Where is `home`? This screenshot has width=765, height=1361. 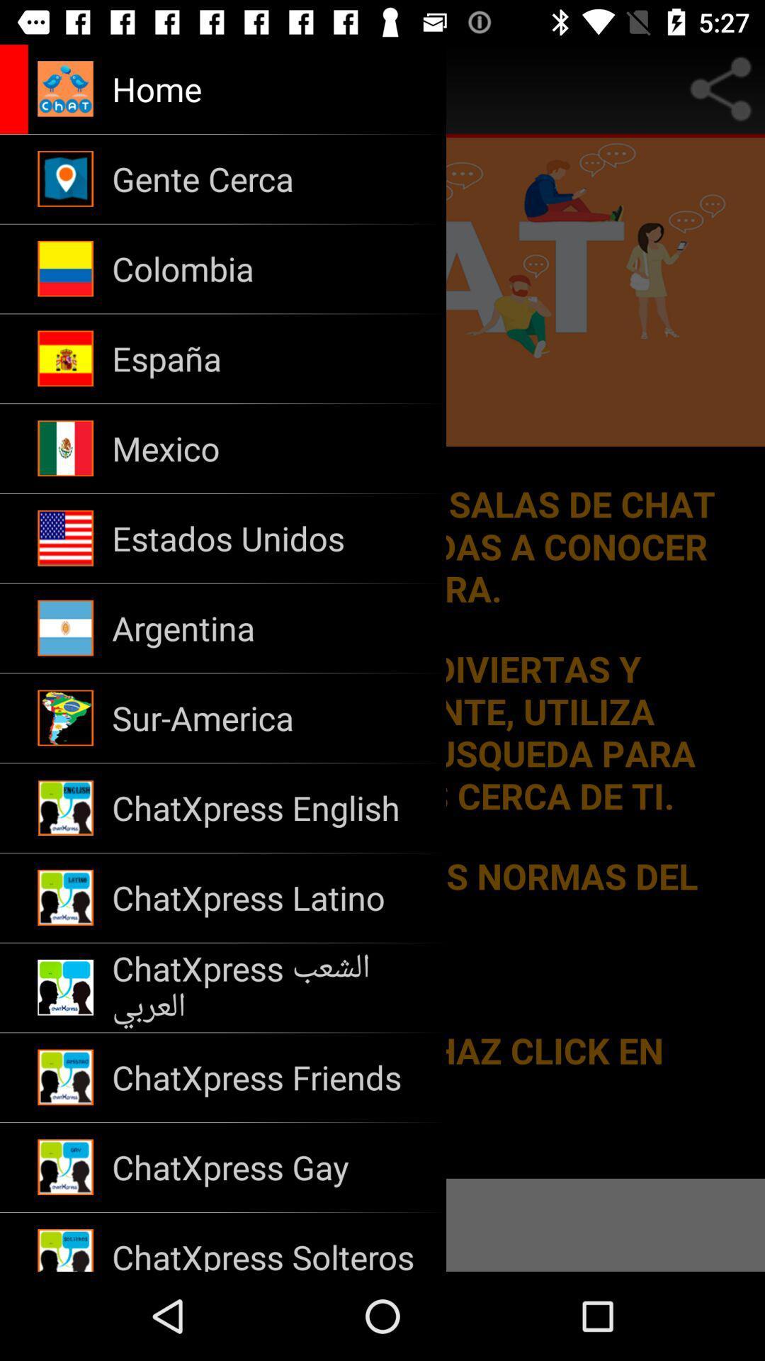 home is located at coordinates (166, 88).